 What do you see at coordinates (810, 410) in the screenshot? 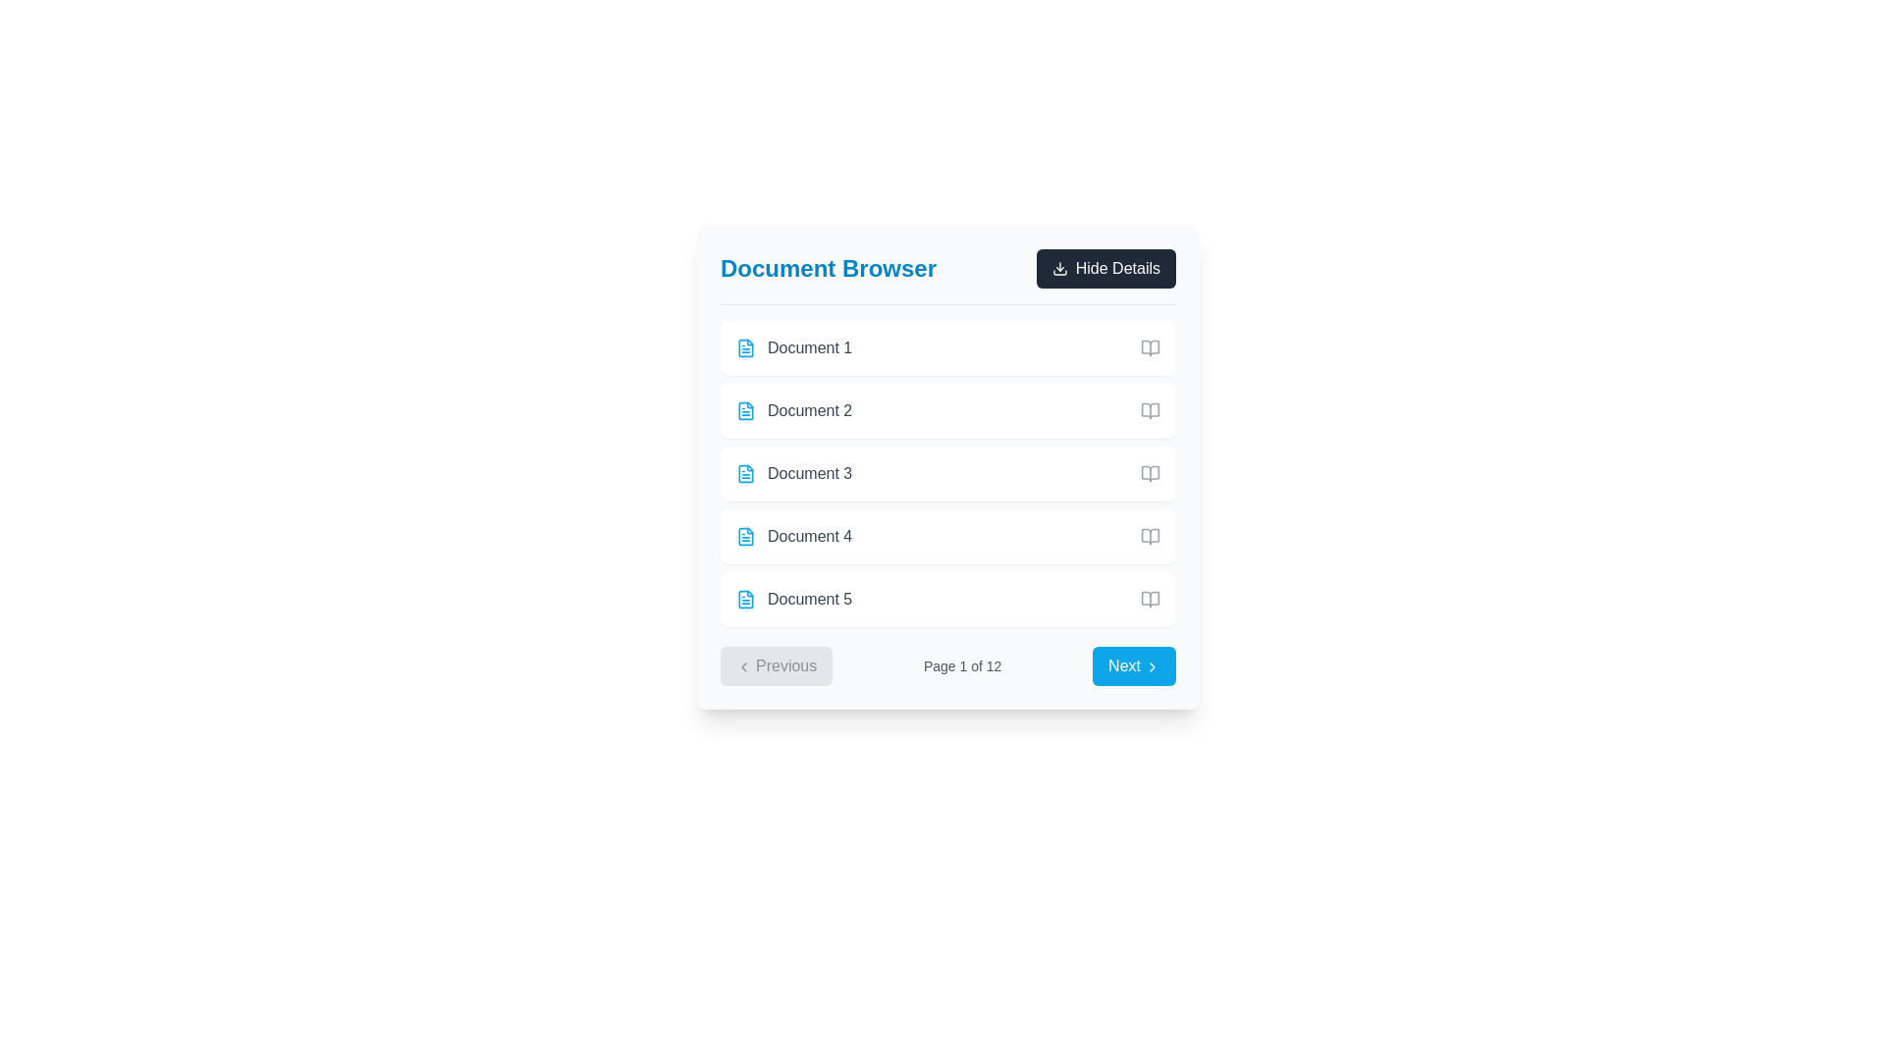
I see `the text label describing a file or document entry, which is the second item in a vertical list, aligned with a blue file icon to the left` at bounding box center [810, 410].